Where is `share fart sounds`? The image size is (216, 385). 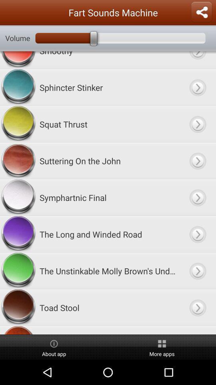 share fart sounds is located at coordinates (201, 12).